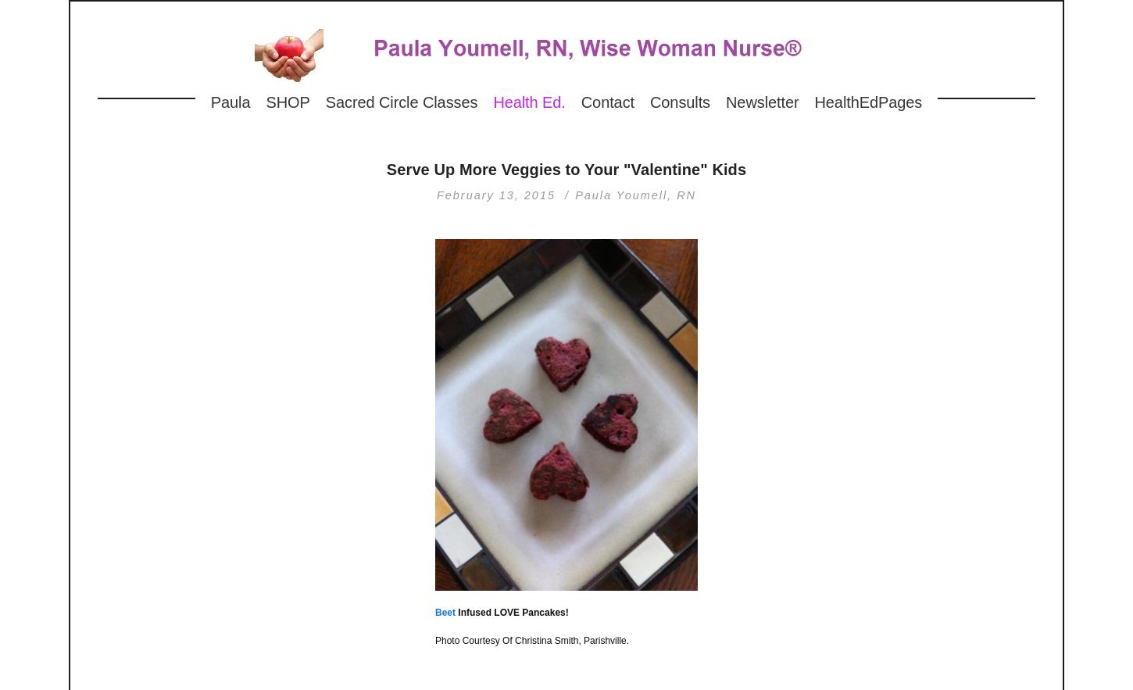 This screenshot has width=1133, height=690. Describe the element at coordinates (266, 102) in the screenshot. I see `'SHOP'` at that location.